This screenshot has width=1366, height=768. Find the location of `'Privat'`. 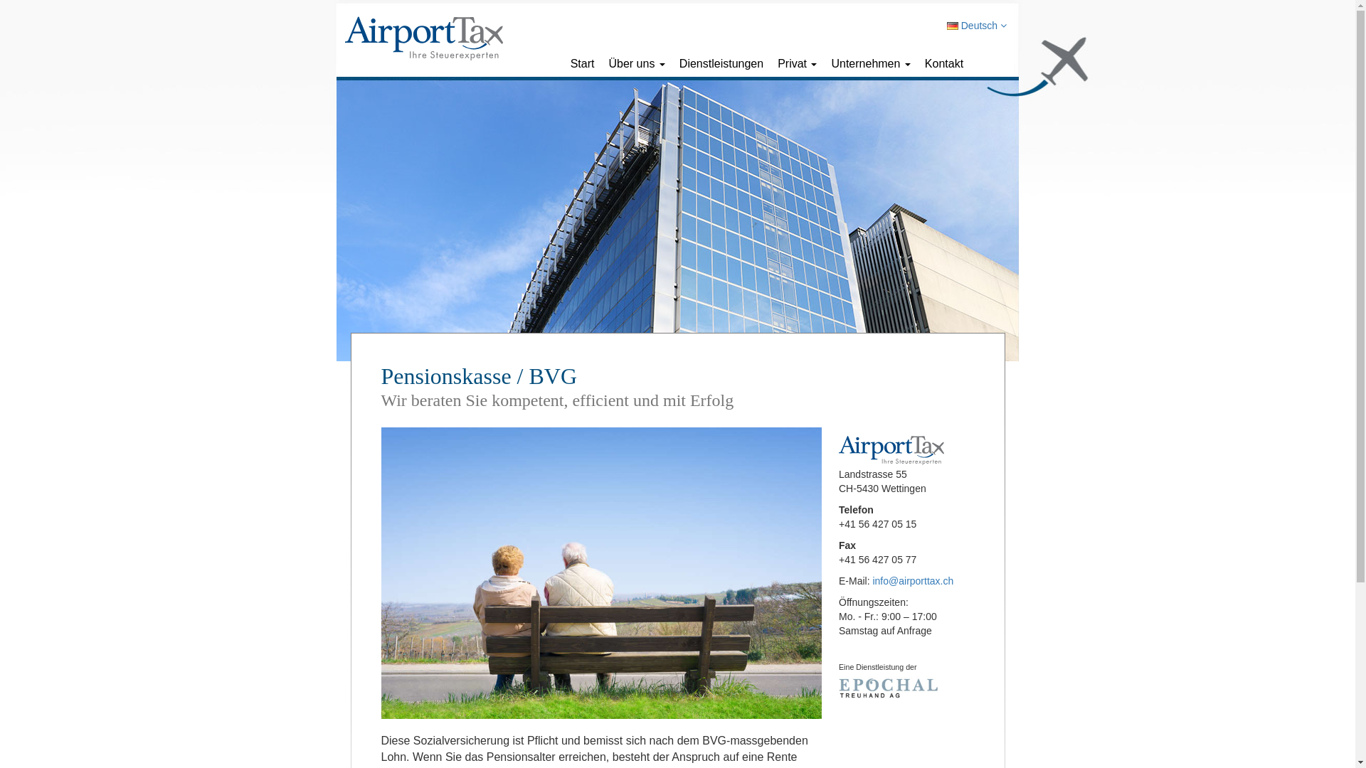

'Privat' is located at coordinates (797, 63).